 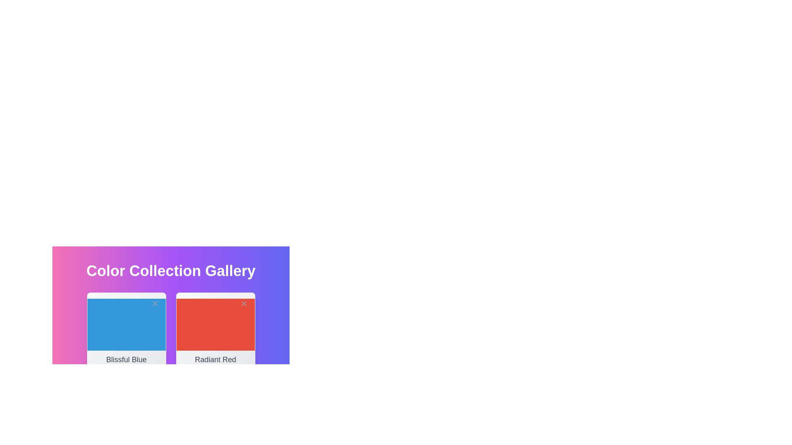 What do you see at coordinates (215, 324) in the screenshot?
I see `the Color Display Panel, which is a solid-colored red rectangle located in the upper section of the card labeled 'Radiant Red'` at bounding box center [215, 324].